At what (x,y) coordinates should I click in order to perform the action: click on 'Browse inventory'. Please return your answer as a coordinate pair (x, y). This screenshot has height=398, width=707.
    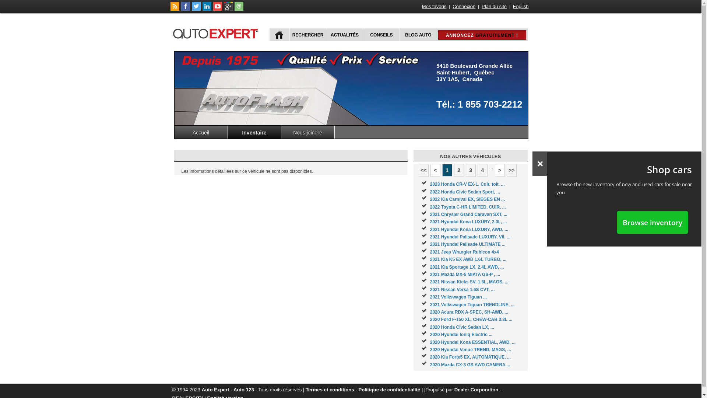
    Looking at the image, I should click on (617, 222).